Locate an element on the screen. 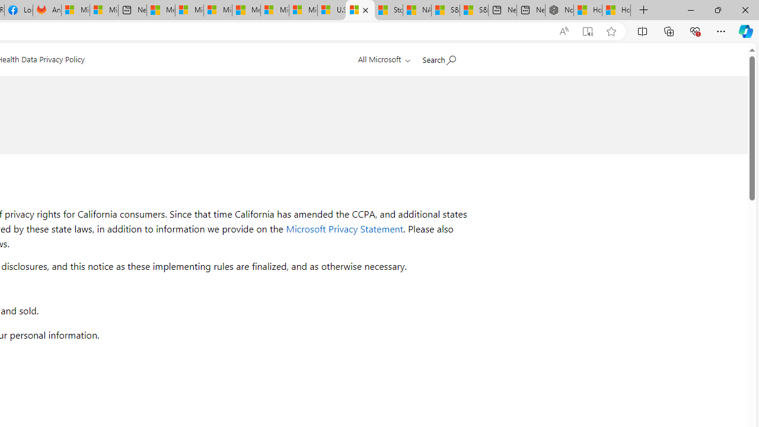 The image size is (759, 427). 'Settings and more (Alt+F)' is located at coordinates (720, 30).